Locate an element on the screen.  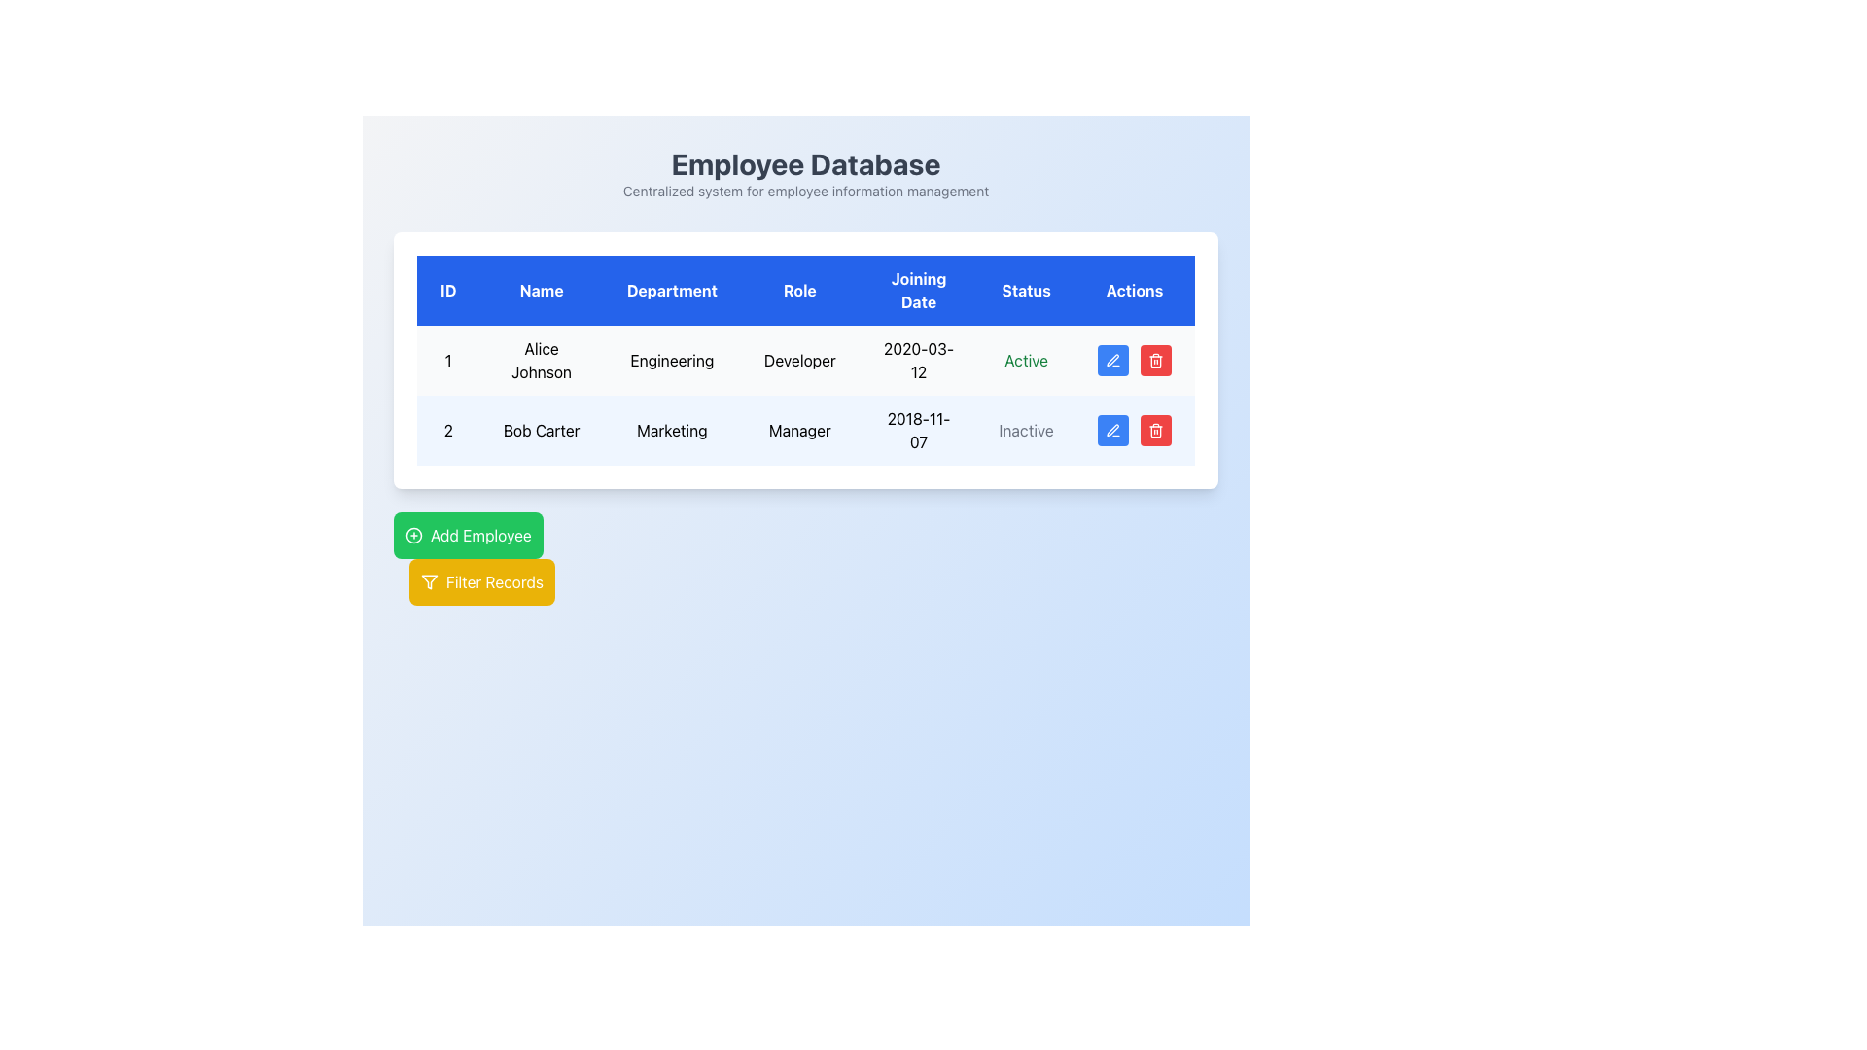
the 'Filter Records' text label, which is displayed in bold white font against a yellow background and is part of a button-like component with rounded corners, located below the green 'Add Employee' button is located at coordinates (494, 580).